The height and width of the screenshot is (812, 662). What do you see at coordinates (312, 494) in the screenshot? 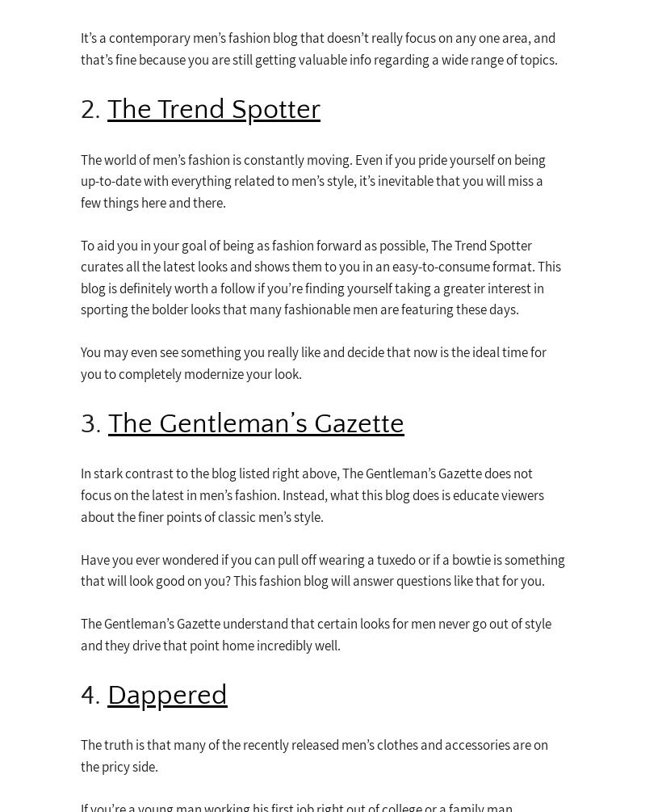
I see `'In stark contrast to the blog listed right above, The Gentleman’s Gazette does not focus on the latest in men’s fashion. Instead, what this blog does is educate viewers about the finer points of classic men’s style.'` at bounding box center [312, 494].